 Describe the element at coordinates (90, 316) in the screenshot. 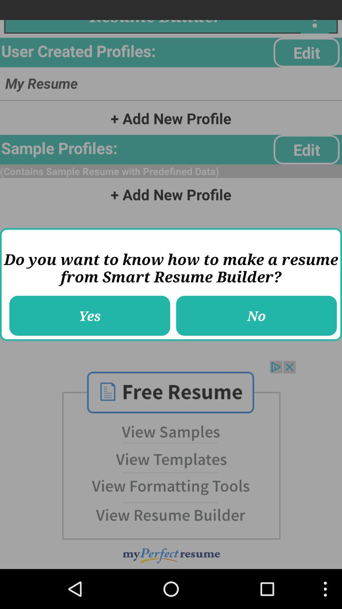

I see `button on the left` at that location.